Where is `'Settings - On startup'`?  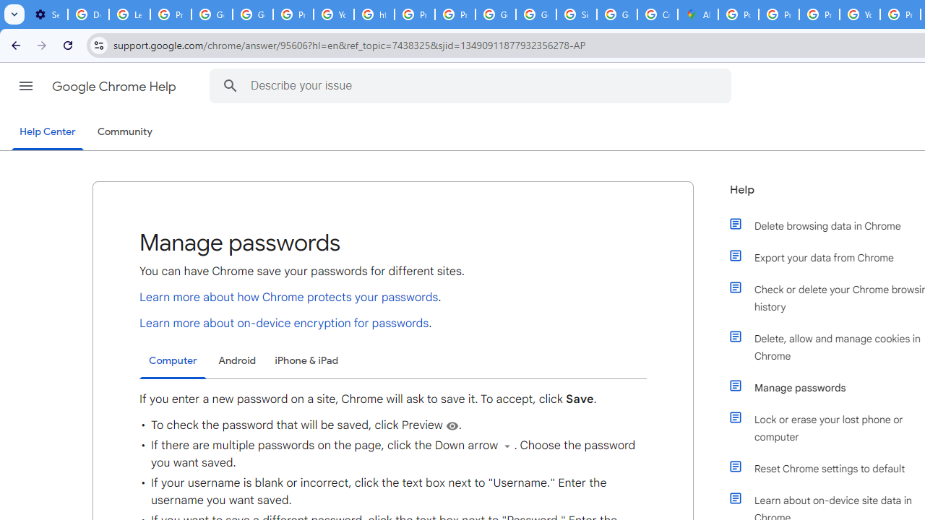 'Settings - On startup' is located at coordinates (47, 14).